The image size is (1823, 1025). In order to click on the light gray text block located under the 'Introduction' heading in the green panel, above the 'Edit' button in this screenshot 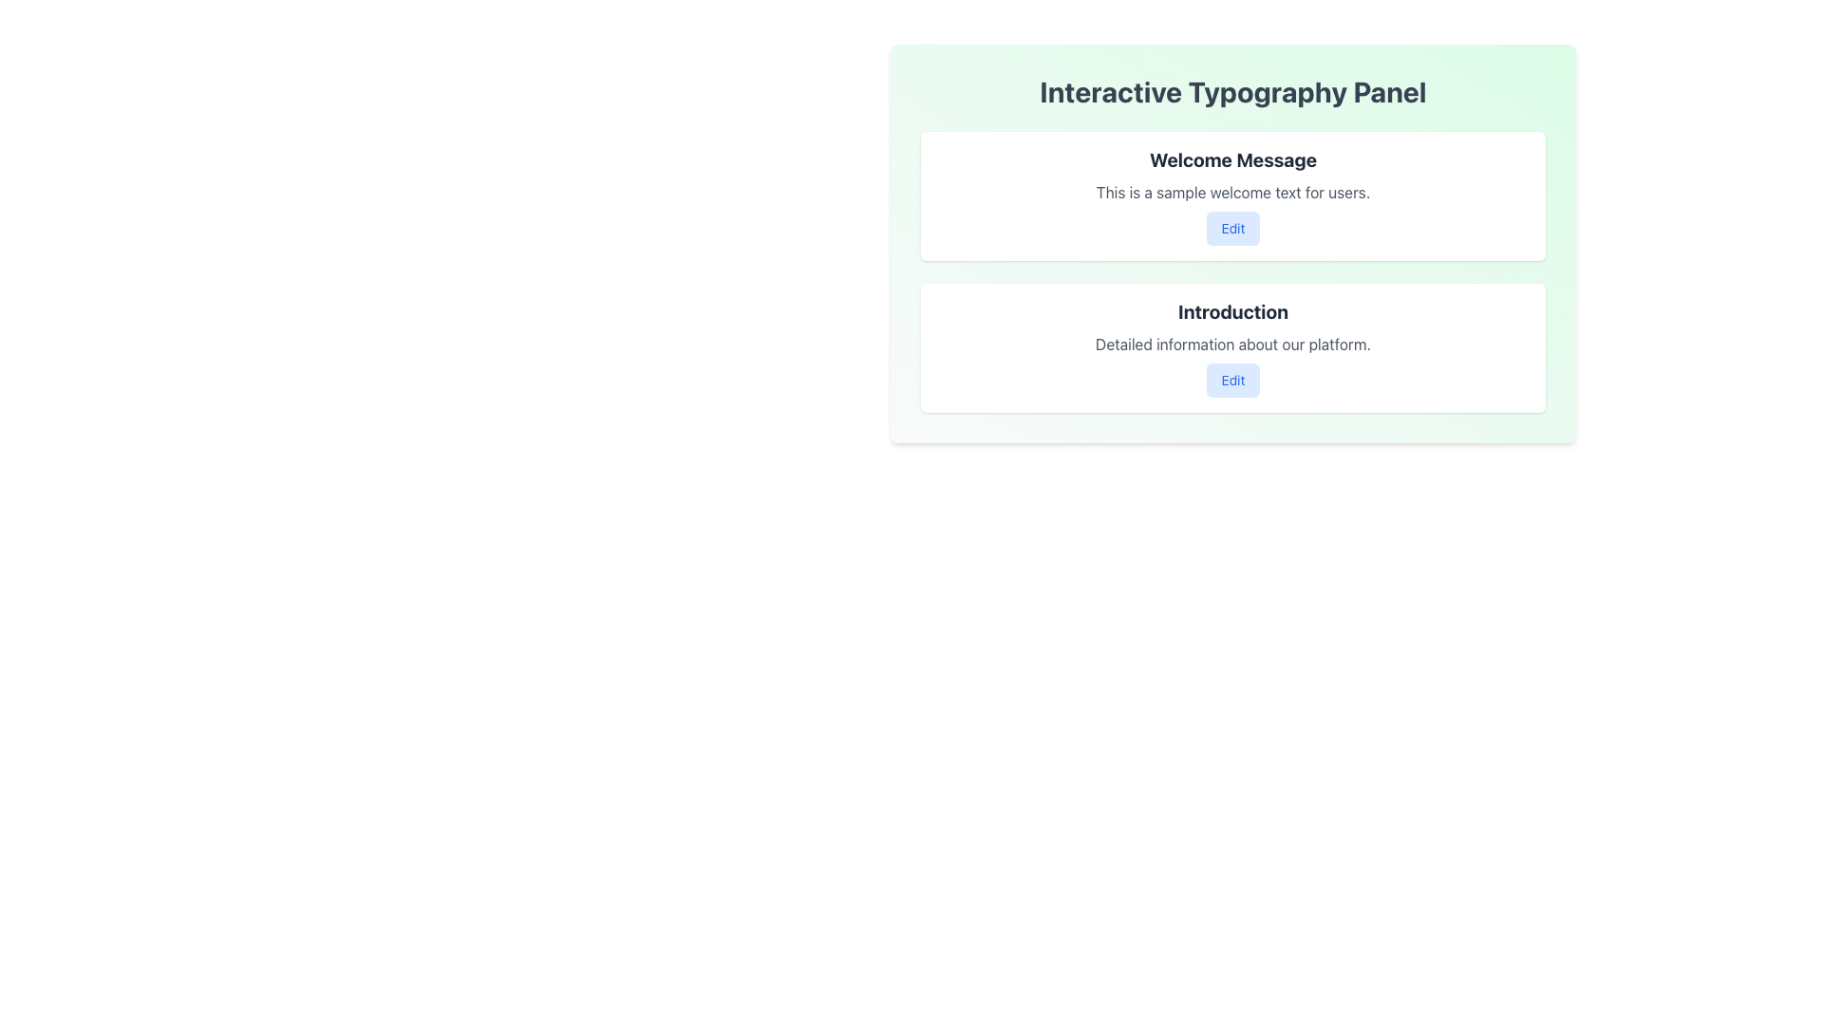, I will do `click(1233, 344)`.